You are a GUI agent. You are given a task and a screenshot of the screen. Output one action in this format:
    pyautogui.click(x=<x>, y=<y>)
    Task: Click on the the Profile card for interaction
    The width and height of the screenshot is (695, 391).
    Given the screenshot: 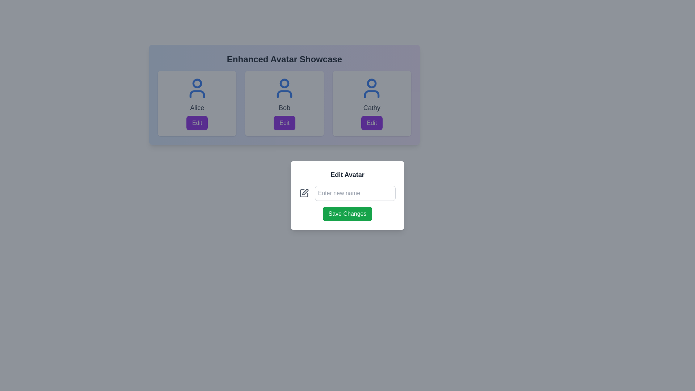 What is the action you would take?
    pyautogui.click(x=197, y=103)
    